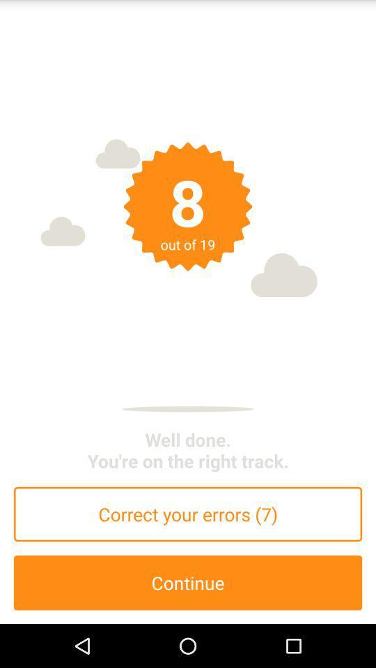 The height and width of the screenshot is (668, 376). I want to click on app below the correct your errors app, so click(188, 582).